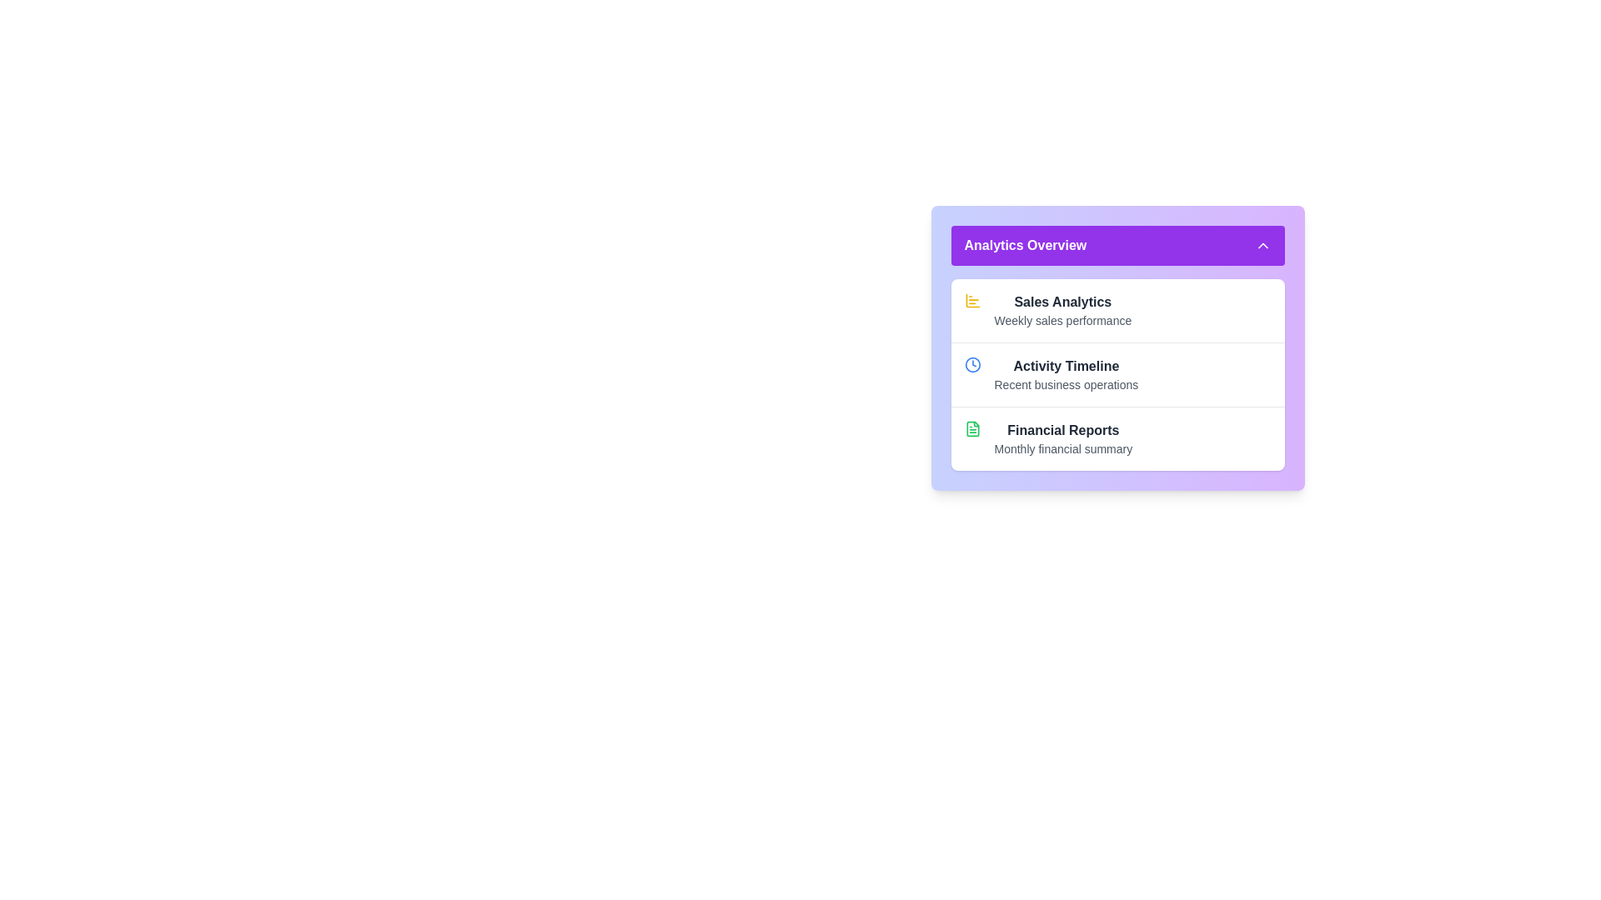  What do you see at coordinates (972, 438) in the screenshot?
I see `the icon that visually indicates the type of item or action associated with 'Financial Reports', located on the left side of the 'Financial Reports' row in the 'Analytics Overview' section` at bounding box center [972, 438].